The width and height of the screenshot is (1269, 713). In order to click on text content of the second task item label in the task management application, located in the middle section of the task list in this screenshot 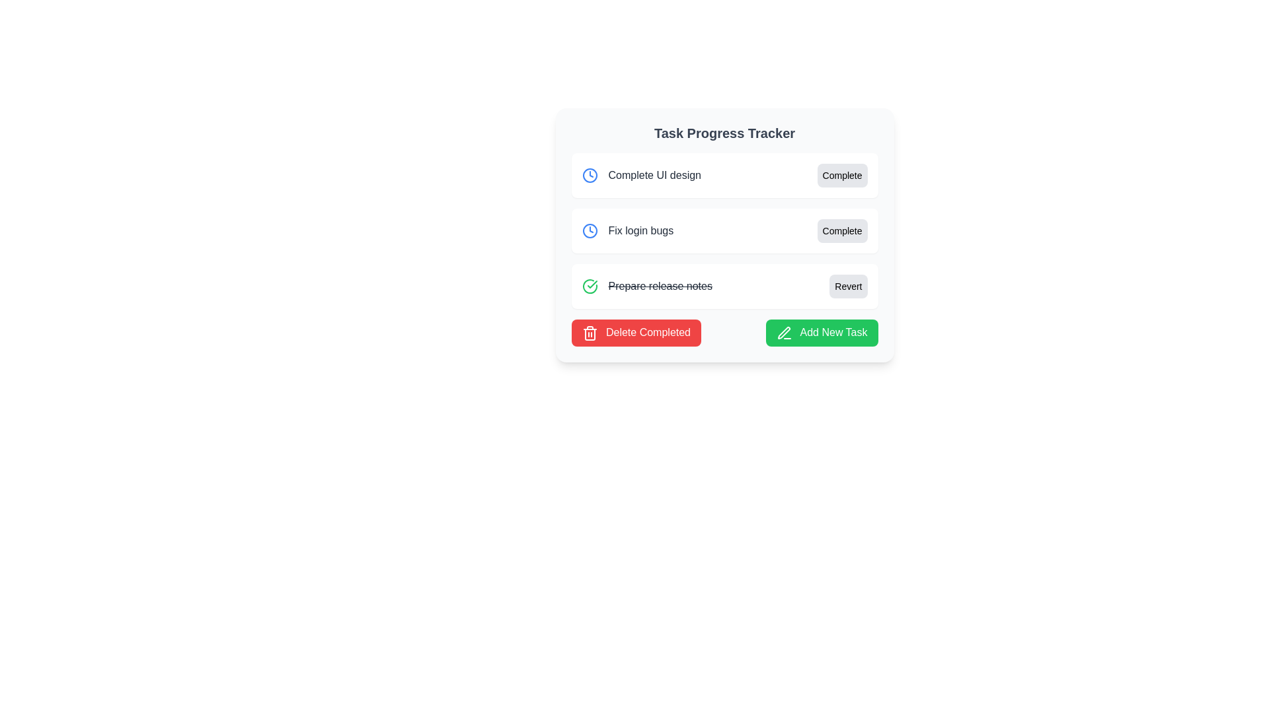, I will do `click(640, 230)`.